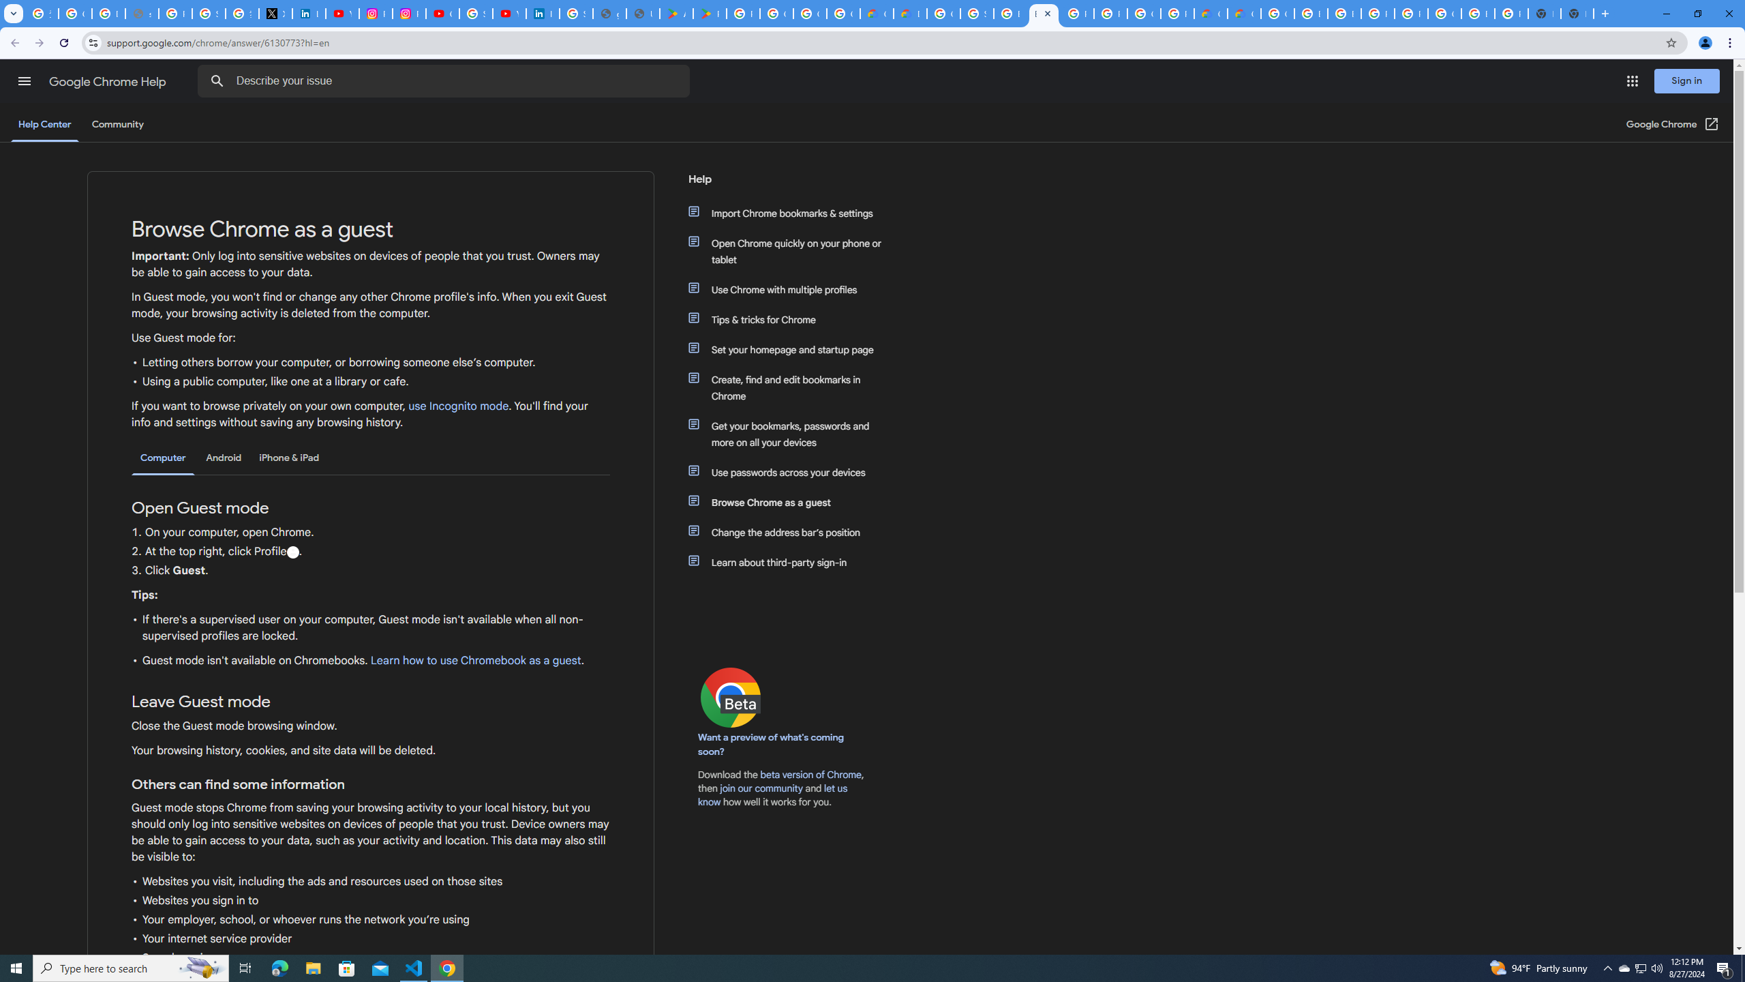  Describe the element at coordinates (792, 473) in the screenshot. I see `'Use passwords across your devices'` at that location.